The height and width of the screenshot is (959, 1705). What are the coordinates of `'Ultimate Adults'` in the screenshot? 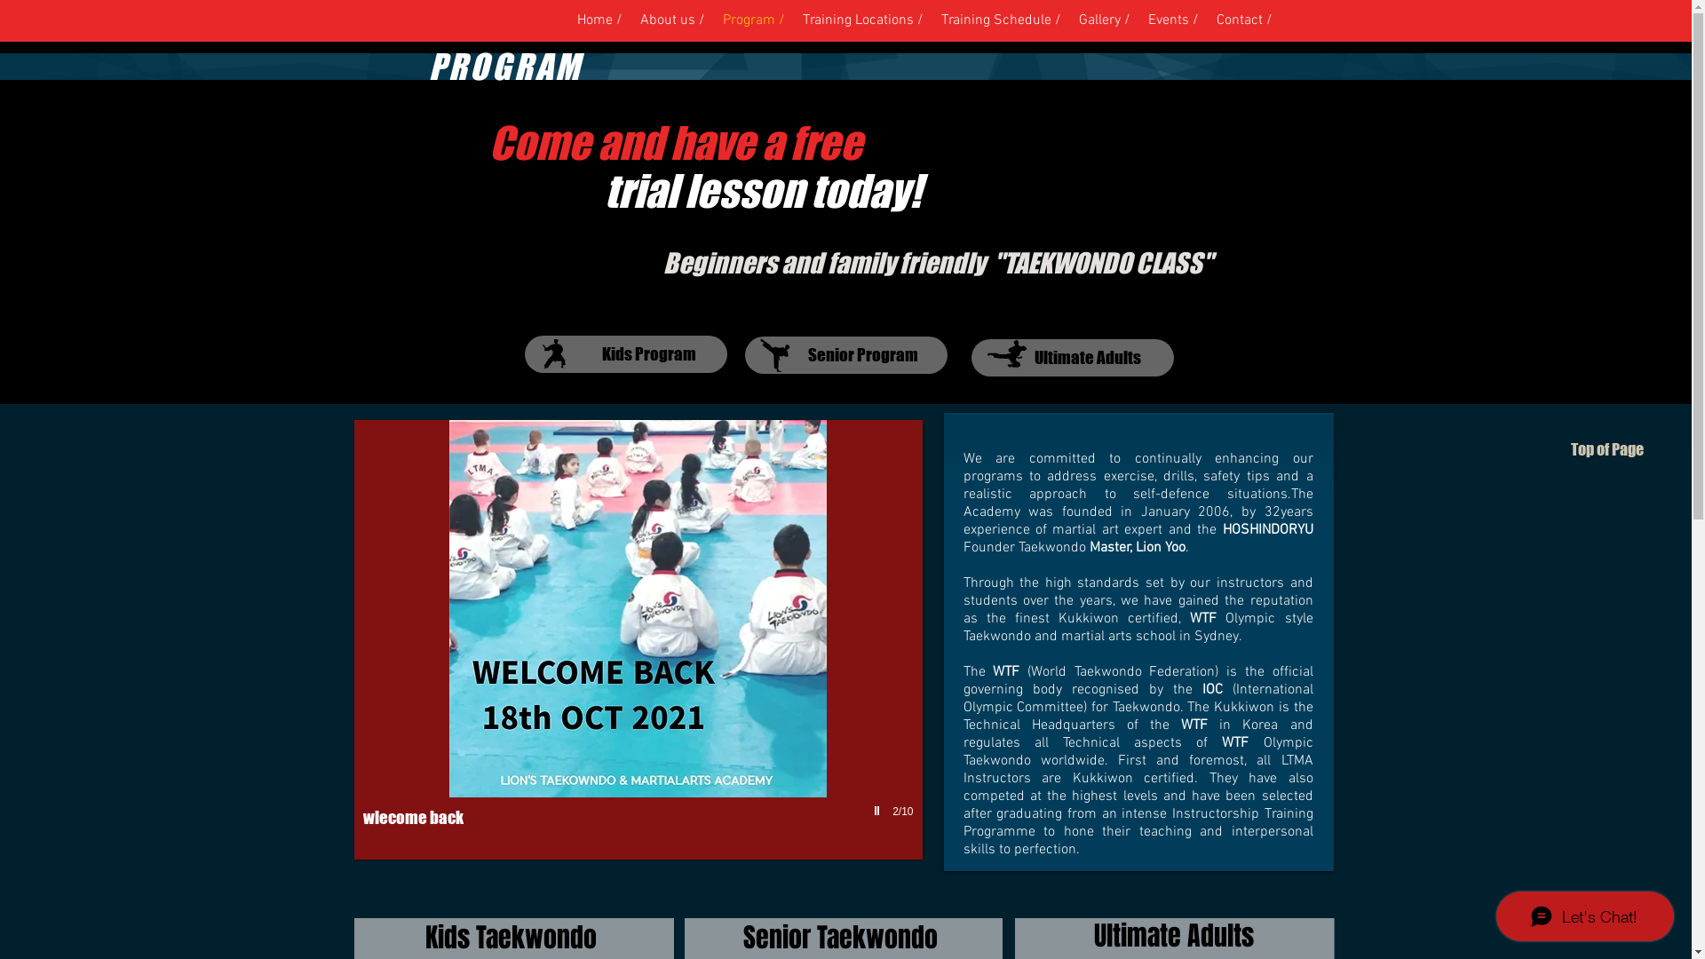 It's located at (1072, 357).